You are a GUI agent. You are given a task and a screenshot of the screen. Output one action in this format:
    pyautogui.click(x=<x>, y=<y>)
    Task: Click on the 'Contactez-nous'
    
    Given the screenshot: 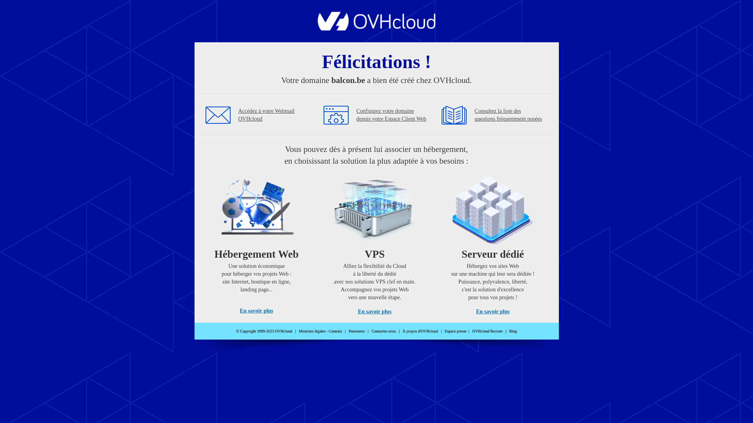 What is the action you would take?
    pyautogui.click(x=384, y=331)
    